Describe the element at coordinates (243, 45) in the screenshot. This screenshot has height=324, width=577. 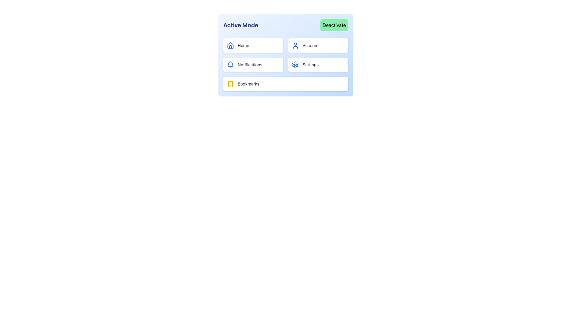
I see `the 'Home' text label located within the first button of a grid layout, which informs the user about the button's purpose` at that location.